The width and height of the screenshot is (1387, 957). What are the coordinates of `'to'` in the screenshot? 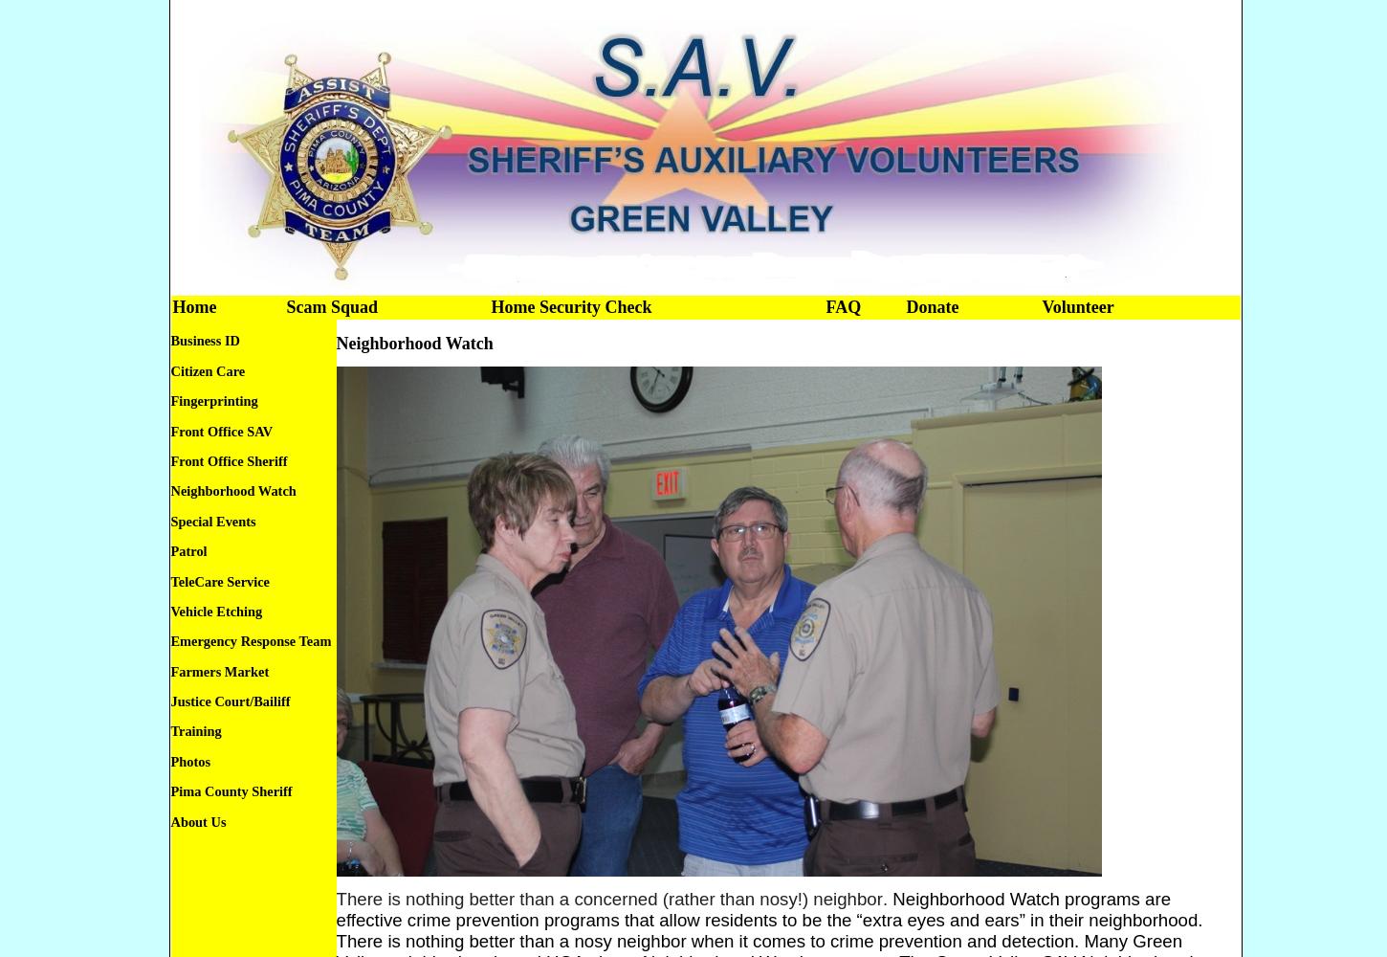 It's located at (791, 918).